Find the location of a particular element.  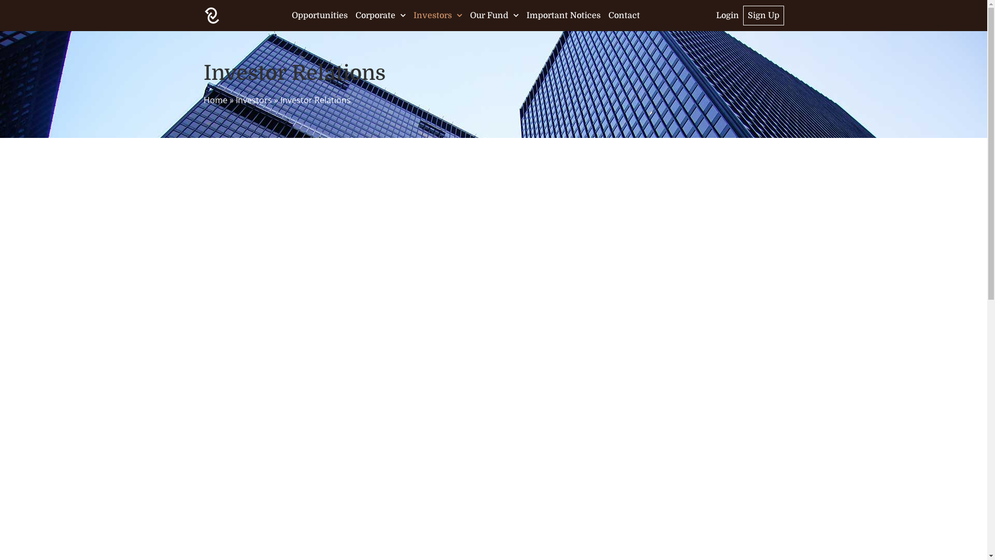

'Sign Up' is located at coordinates (763, 16).